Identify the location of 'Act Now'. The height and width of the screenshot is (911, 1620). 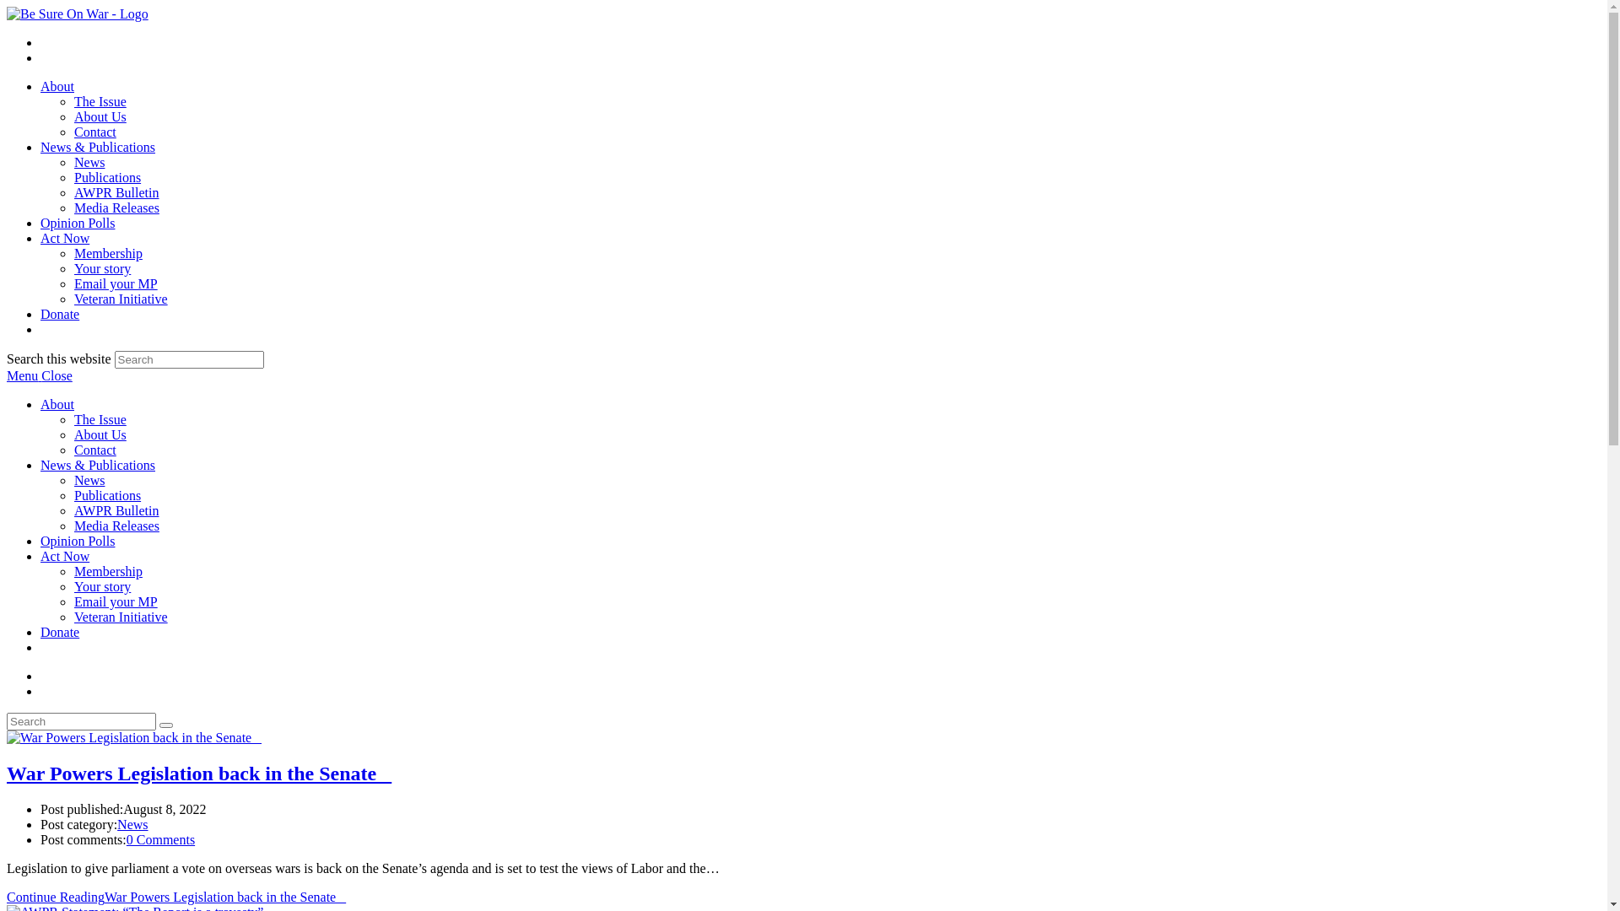
(40, 238).